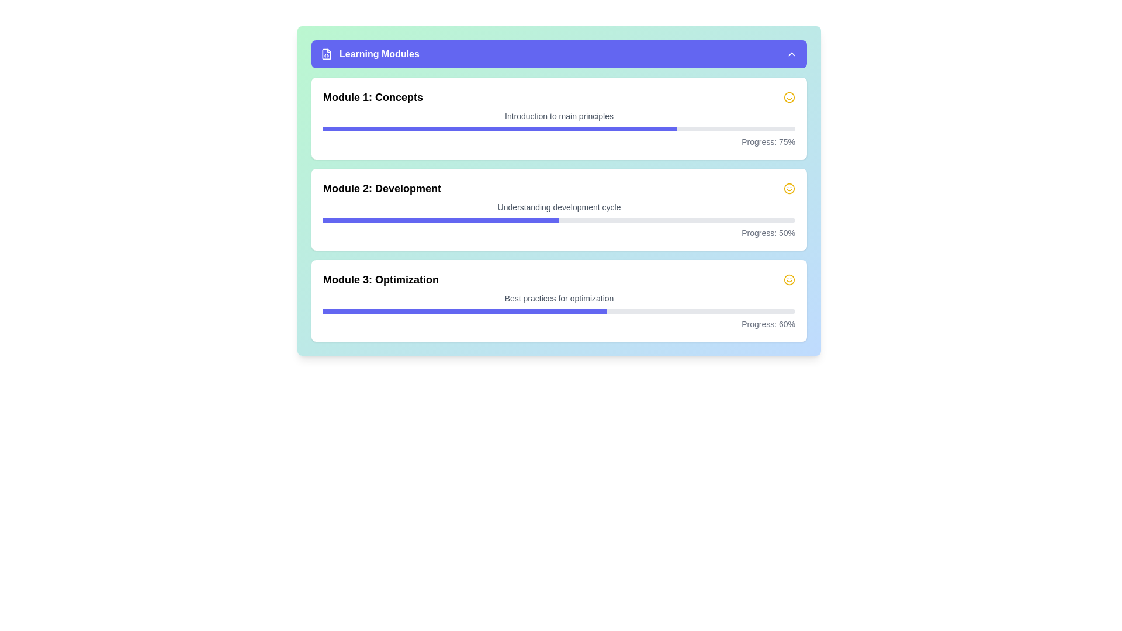 The width and height of the screenshot is (1122, 631). I want to click on the progress bar of the Informational card, which displays information about a module and is located in the third position of a vertically stacked list below 'Module 2: Development', so click(558, 300).